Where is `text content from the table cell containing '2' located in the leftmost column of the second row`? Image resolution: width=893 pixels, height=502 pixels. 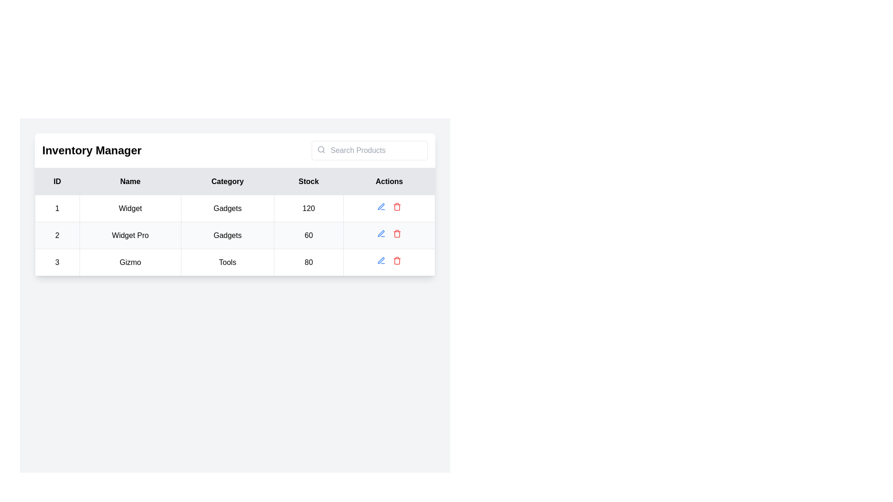
text content from the table cell containing '2' located in the leftmost column of the second row is located at coordinates (57, 235).